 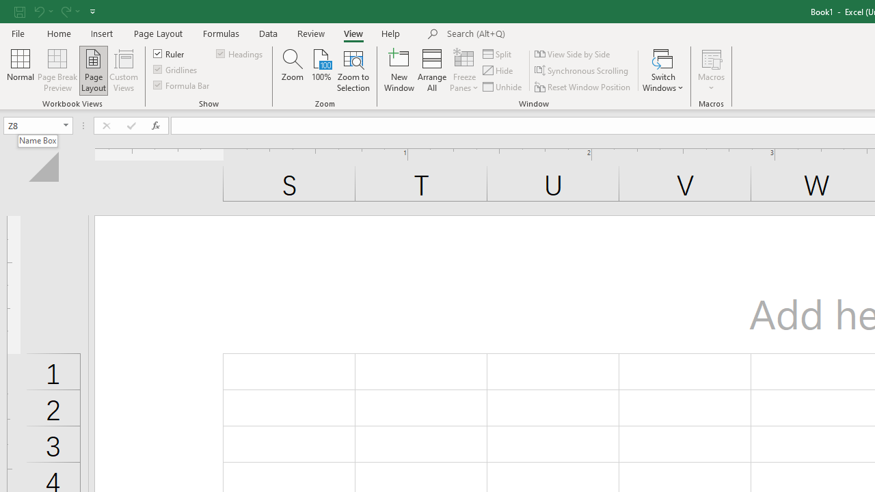 I want to click on 'Zoom...', so click(x=292, y=70).